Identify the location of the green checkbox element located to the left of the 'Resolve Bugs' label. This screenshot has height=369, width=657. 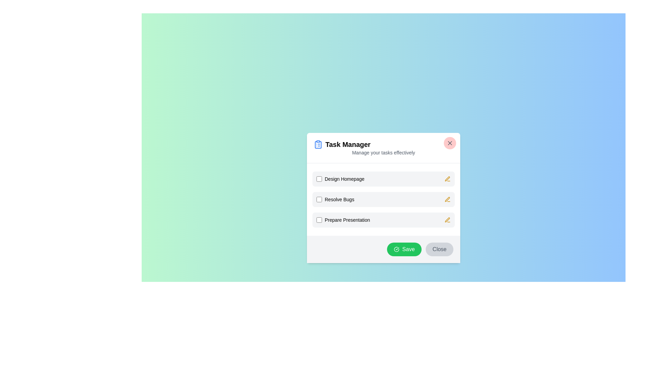
(319, 199).